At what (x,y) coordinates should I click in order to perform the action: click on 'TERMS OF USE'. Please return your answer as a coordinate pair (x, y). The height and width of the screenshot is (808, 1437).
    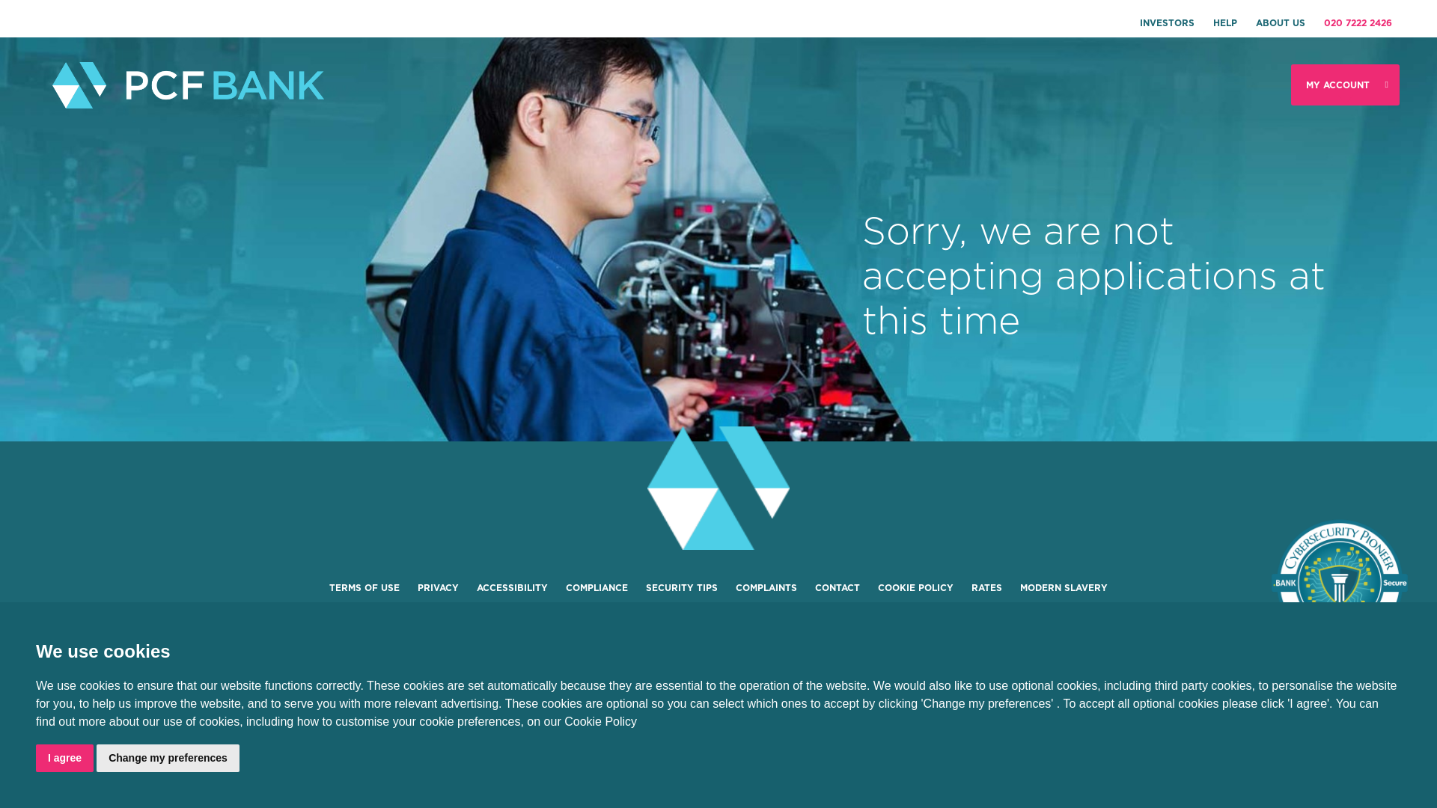
    Looking at the image, I should click on (364, 587).